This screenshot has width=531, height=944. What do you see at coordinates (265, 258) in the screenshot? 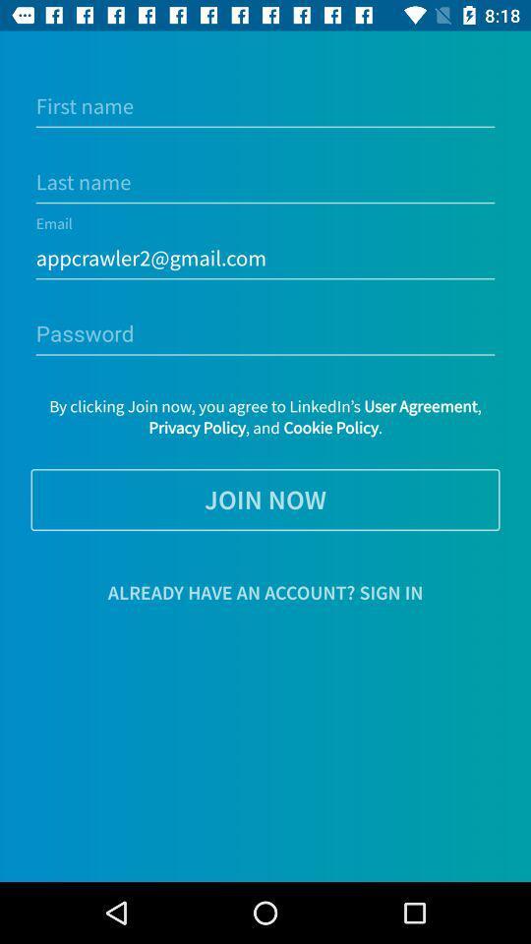
I see `appcrawler2@gmail.com icon` at bounding box center [265, 258].